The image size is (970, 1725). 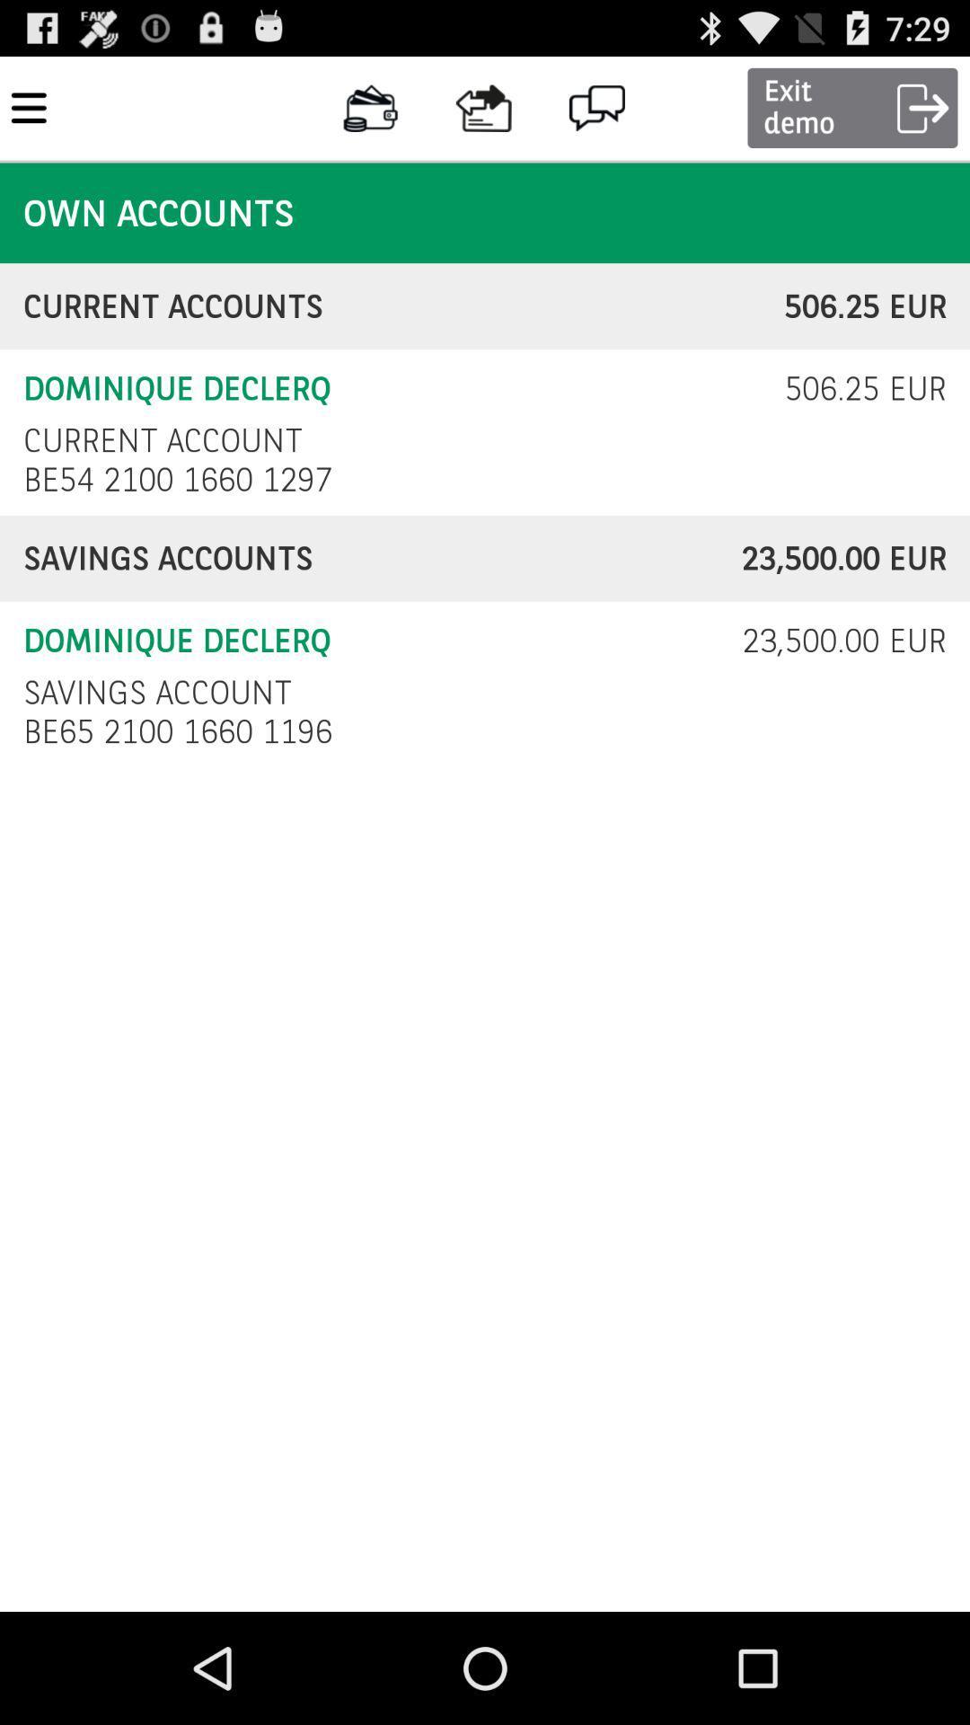 What do you see at coordinates (156, 692) in the screenshot?
I see `icon to the left of 23 500 00 checkbox` at bounding box center [156, 692].